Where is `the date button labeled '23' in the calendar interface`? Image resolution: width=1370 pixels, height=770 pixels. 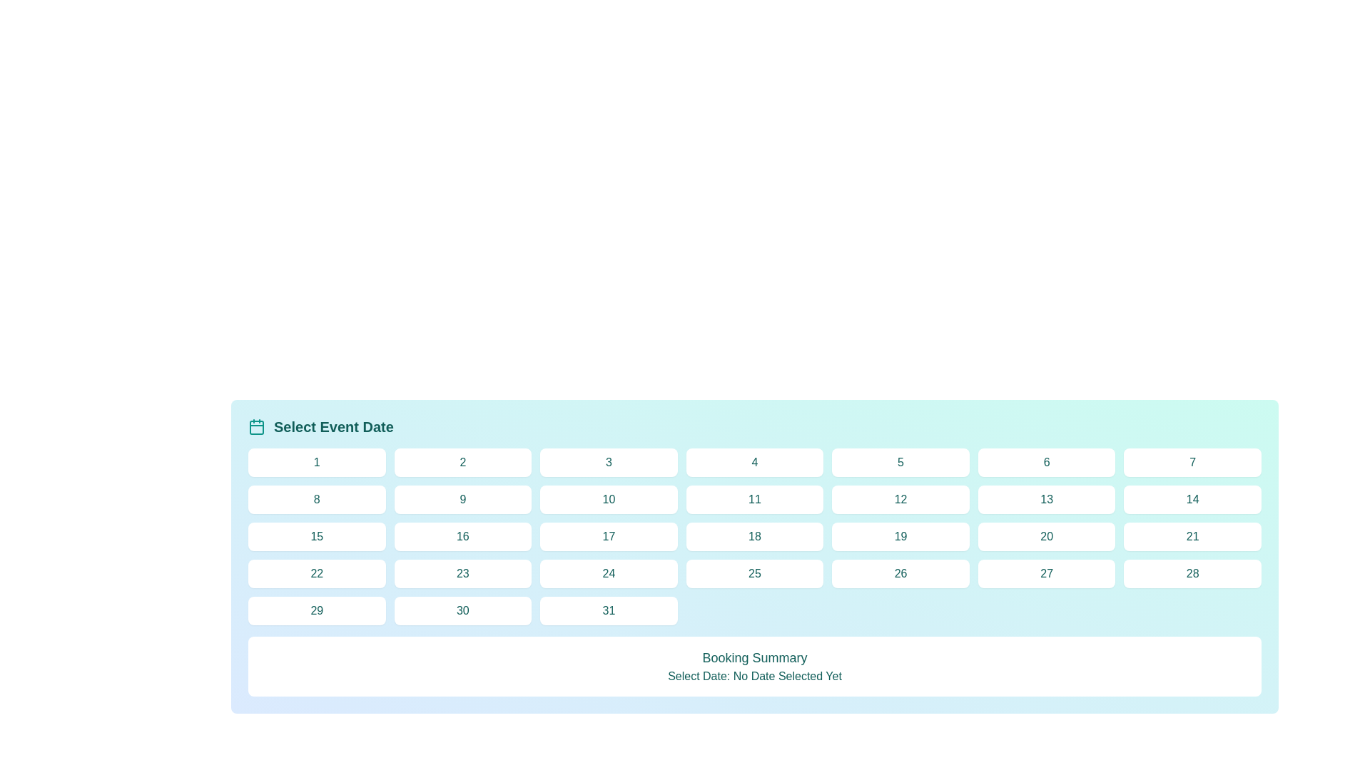
the date button labeled '23' in the calendar interface is located at coordinates (462, 573).